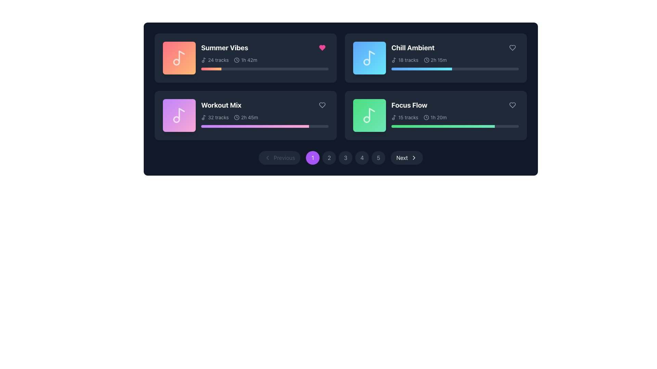  I want to click on the right-facing chevron icon which serves as a navigation indicator, so click(413, 158).